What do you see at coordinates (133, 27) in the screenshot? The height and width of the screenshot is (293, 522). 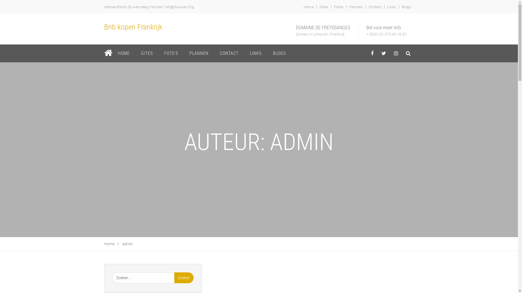 I see `'Bnb kopen Frankrijk'` at bounding box center [133, 27].